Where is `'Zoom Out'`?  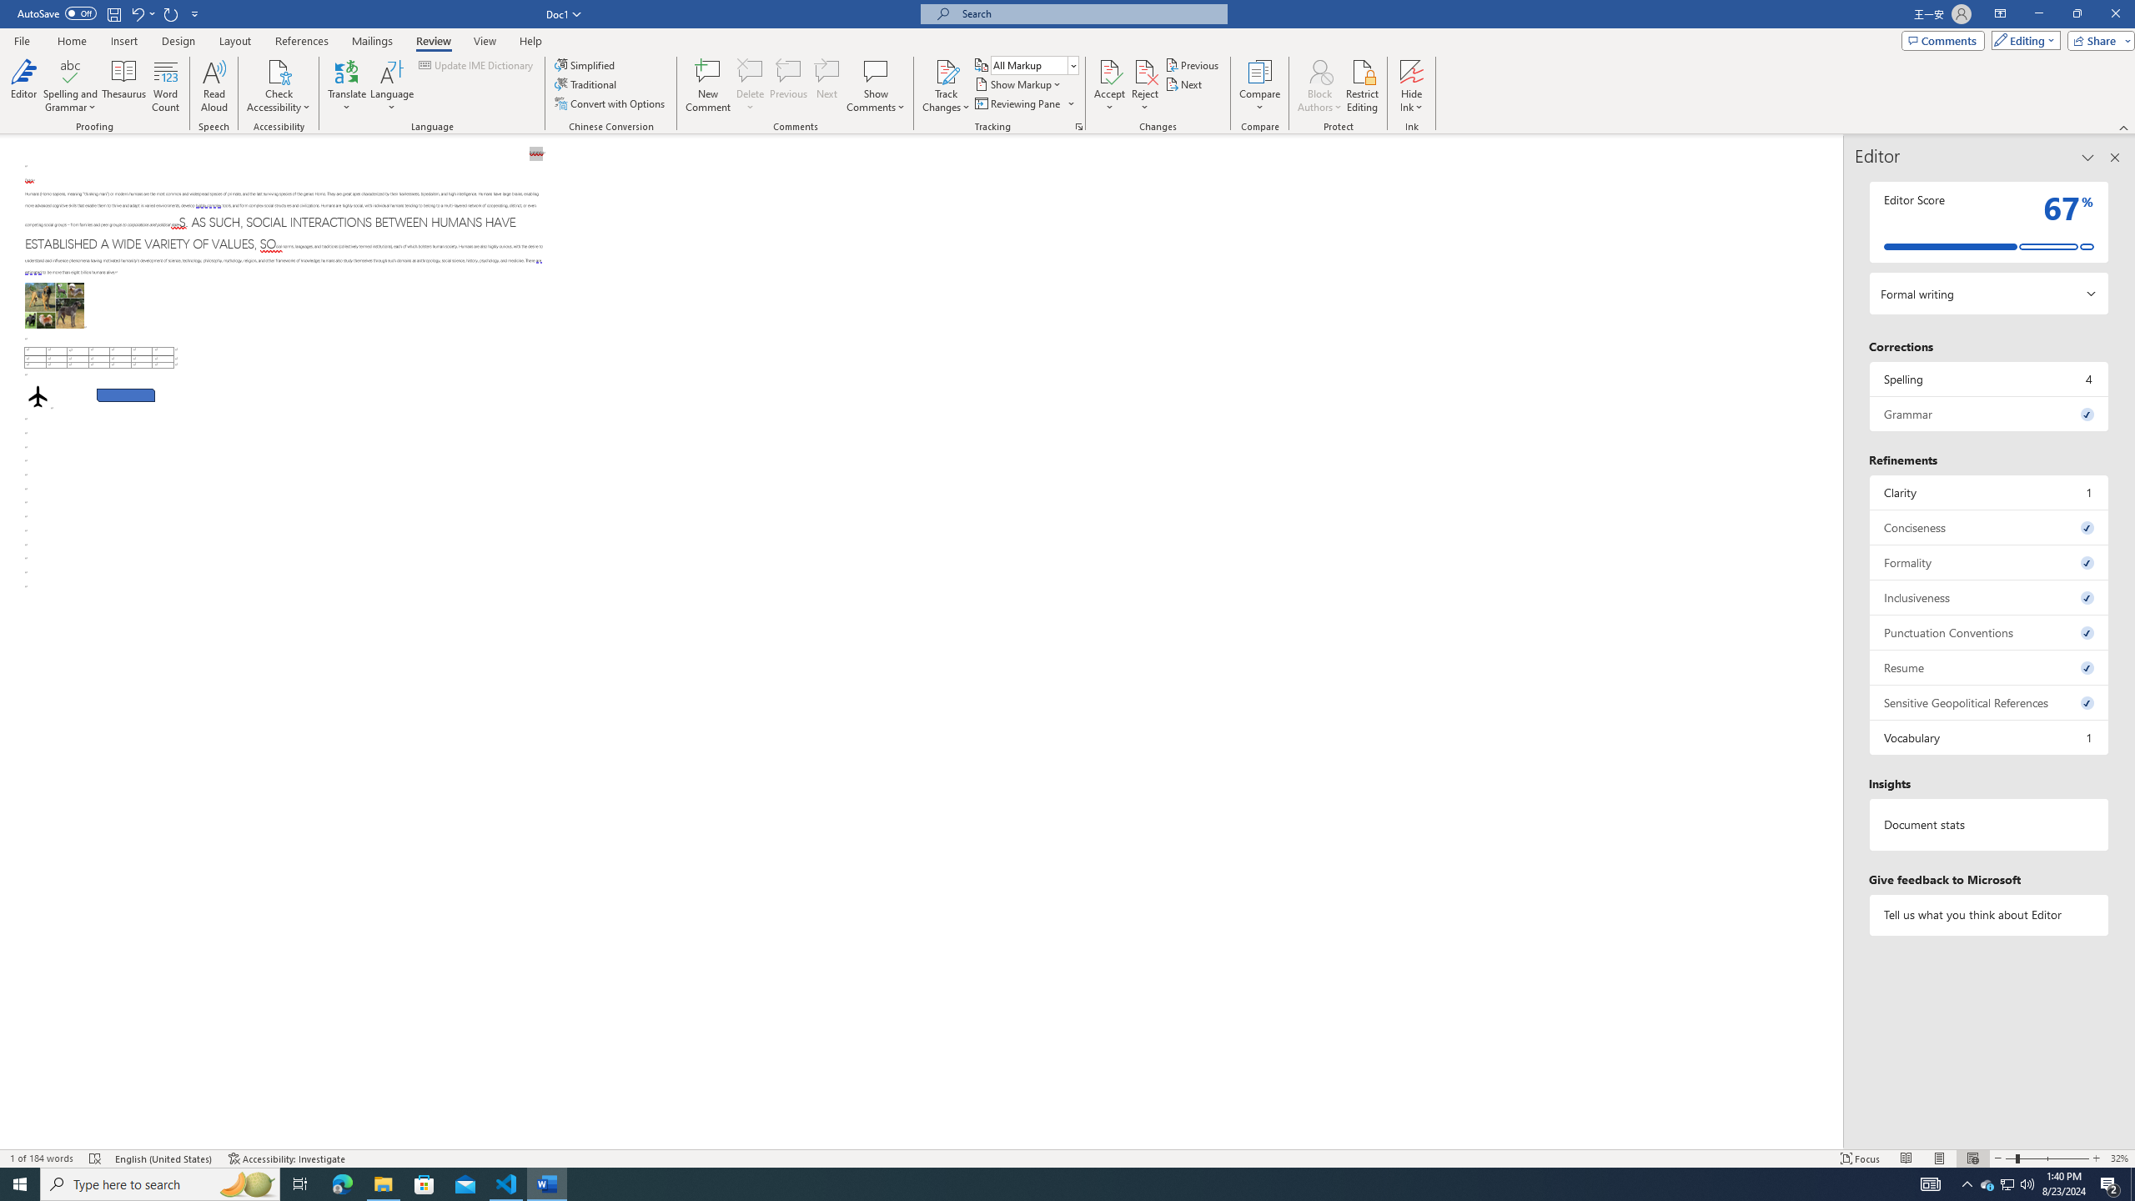 'Zoom Out' is located at coordinates (2009, 1158).